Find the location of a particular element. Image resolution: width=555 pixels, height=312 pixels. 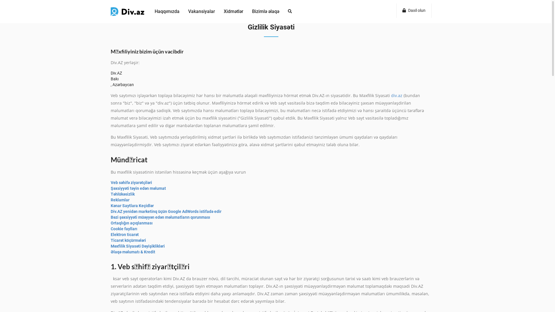

'Vakansiyalar' is located at coordinates (186, 11).